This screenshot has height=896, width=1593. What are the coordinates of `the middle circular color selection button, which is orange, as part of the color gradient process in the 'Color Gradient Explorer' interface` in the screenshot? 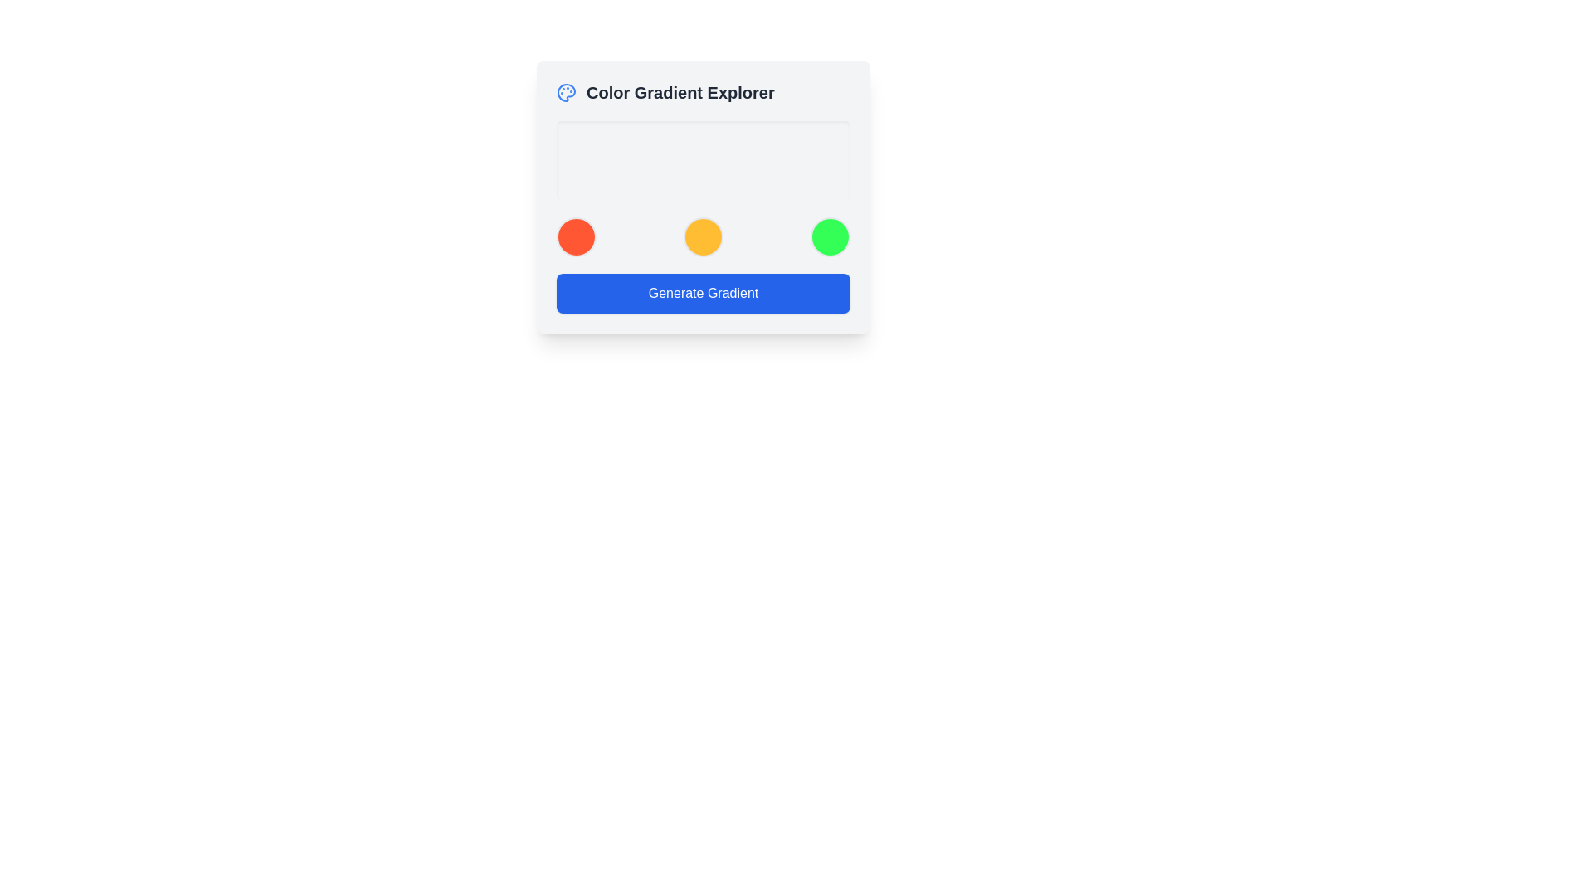 It's located at (704, 236).